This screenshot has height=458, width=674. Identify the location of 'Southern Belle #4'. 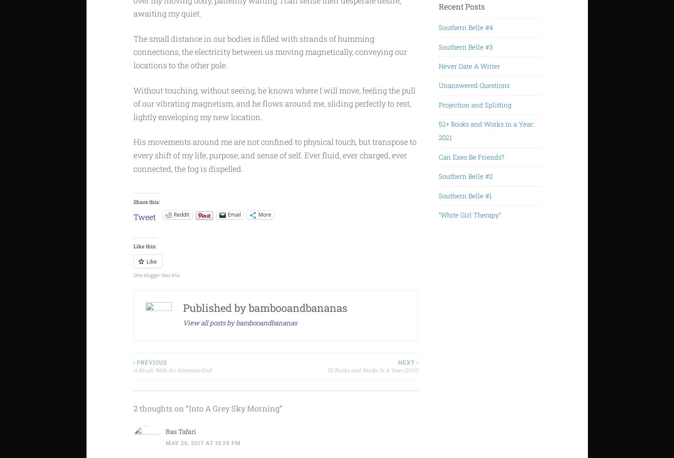
(466, 27).